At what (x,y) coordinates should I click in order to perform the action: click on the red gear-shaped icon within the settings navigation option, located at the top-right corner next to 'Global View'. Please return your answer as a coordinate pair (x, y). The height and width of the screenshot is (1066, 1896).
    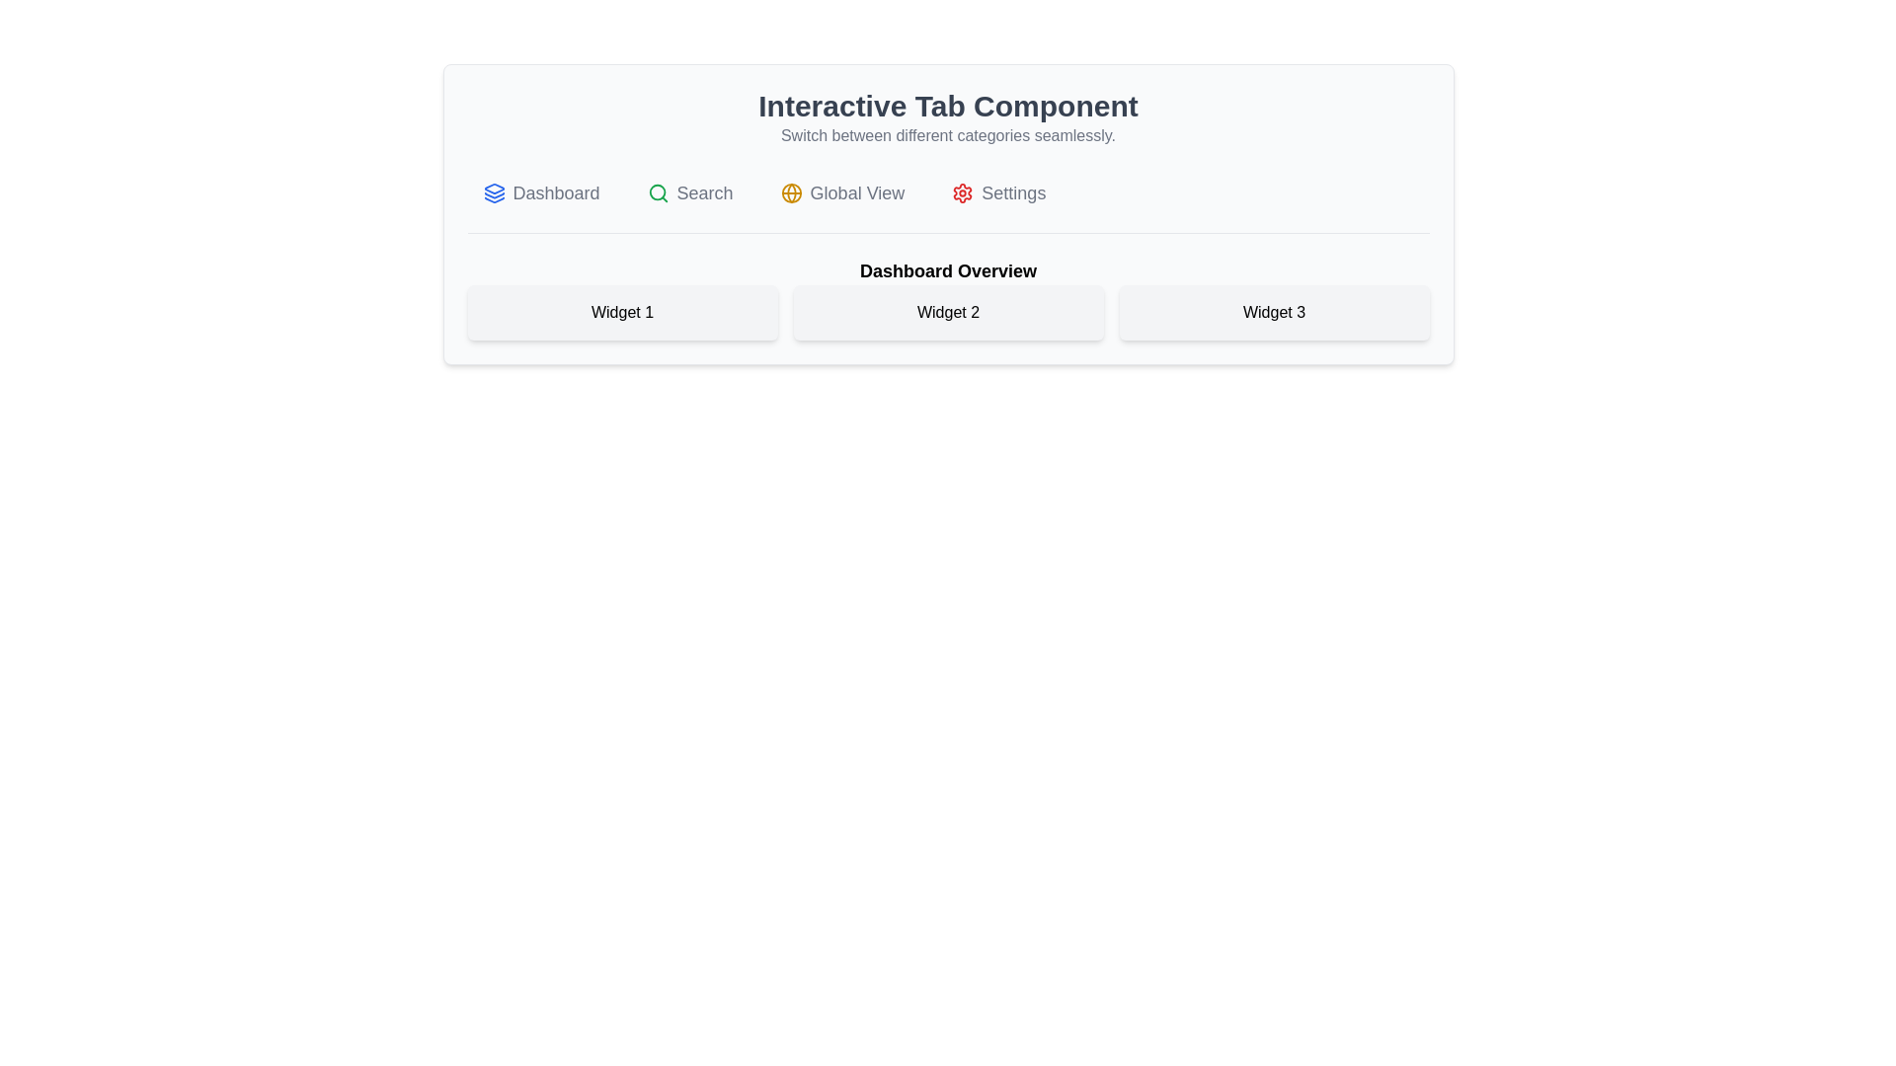
    Looking at the image, I should click on (963, 193).